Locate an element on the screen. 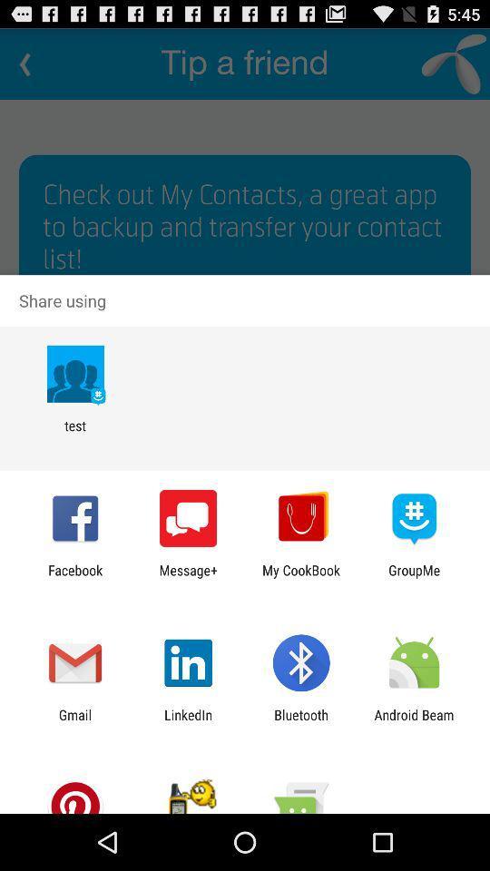  the test app is located at coordinates (74, 434).